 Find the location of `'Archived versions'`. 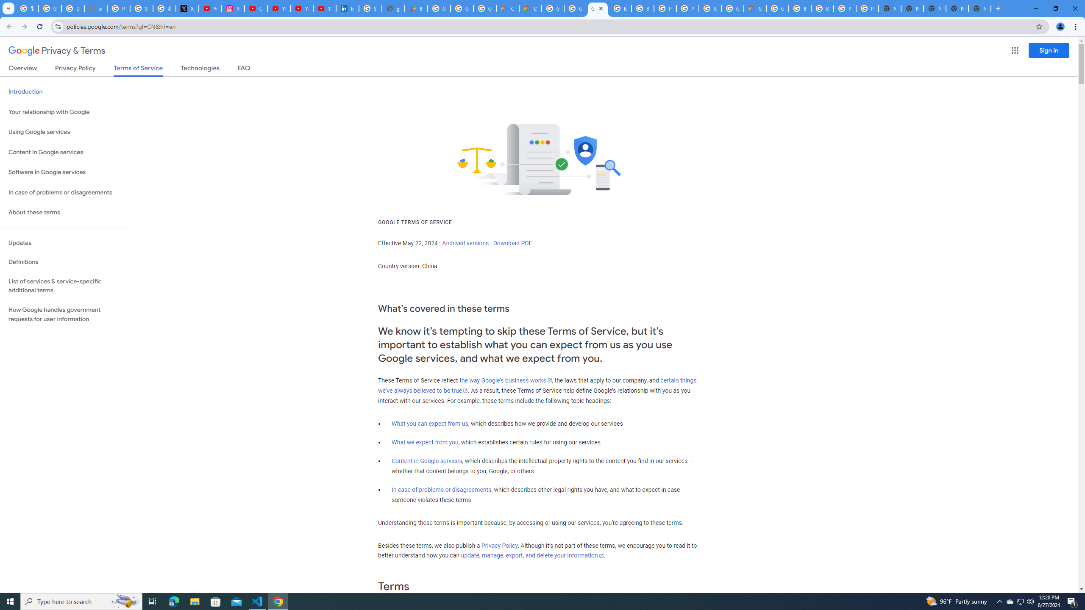

'Archived versions' is located at coordinates (465, 242).